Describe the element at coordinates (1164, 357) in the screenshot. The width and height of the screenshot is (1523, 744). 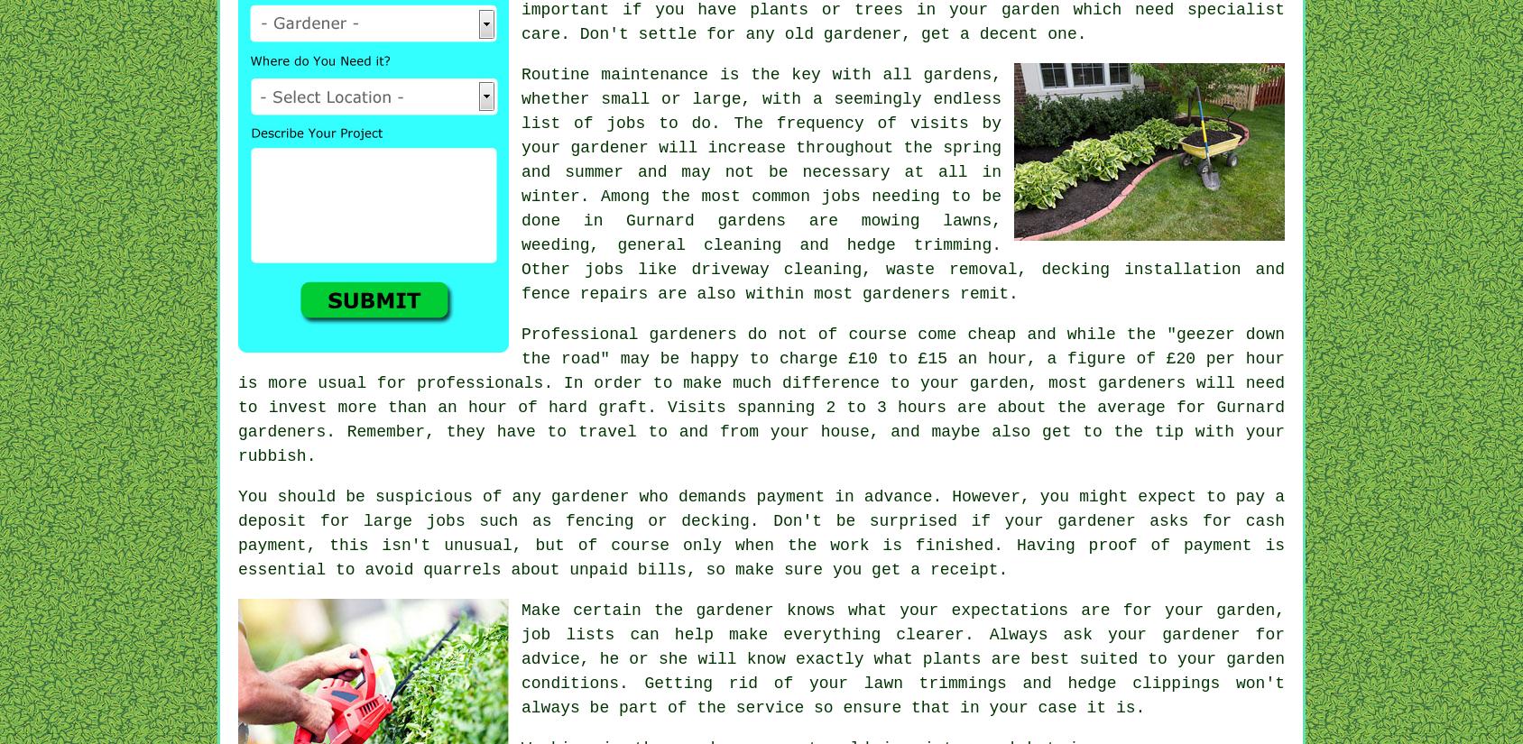
I see `'£20 per hour'` at that location.